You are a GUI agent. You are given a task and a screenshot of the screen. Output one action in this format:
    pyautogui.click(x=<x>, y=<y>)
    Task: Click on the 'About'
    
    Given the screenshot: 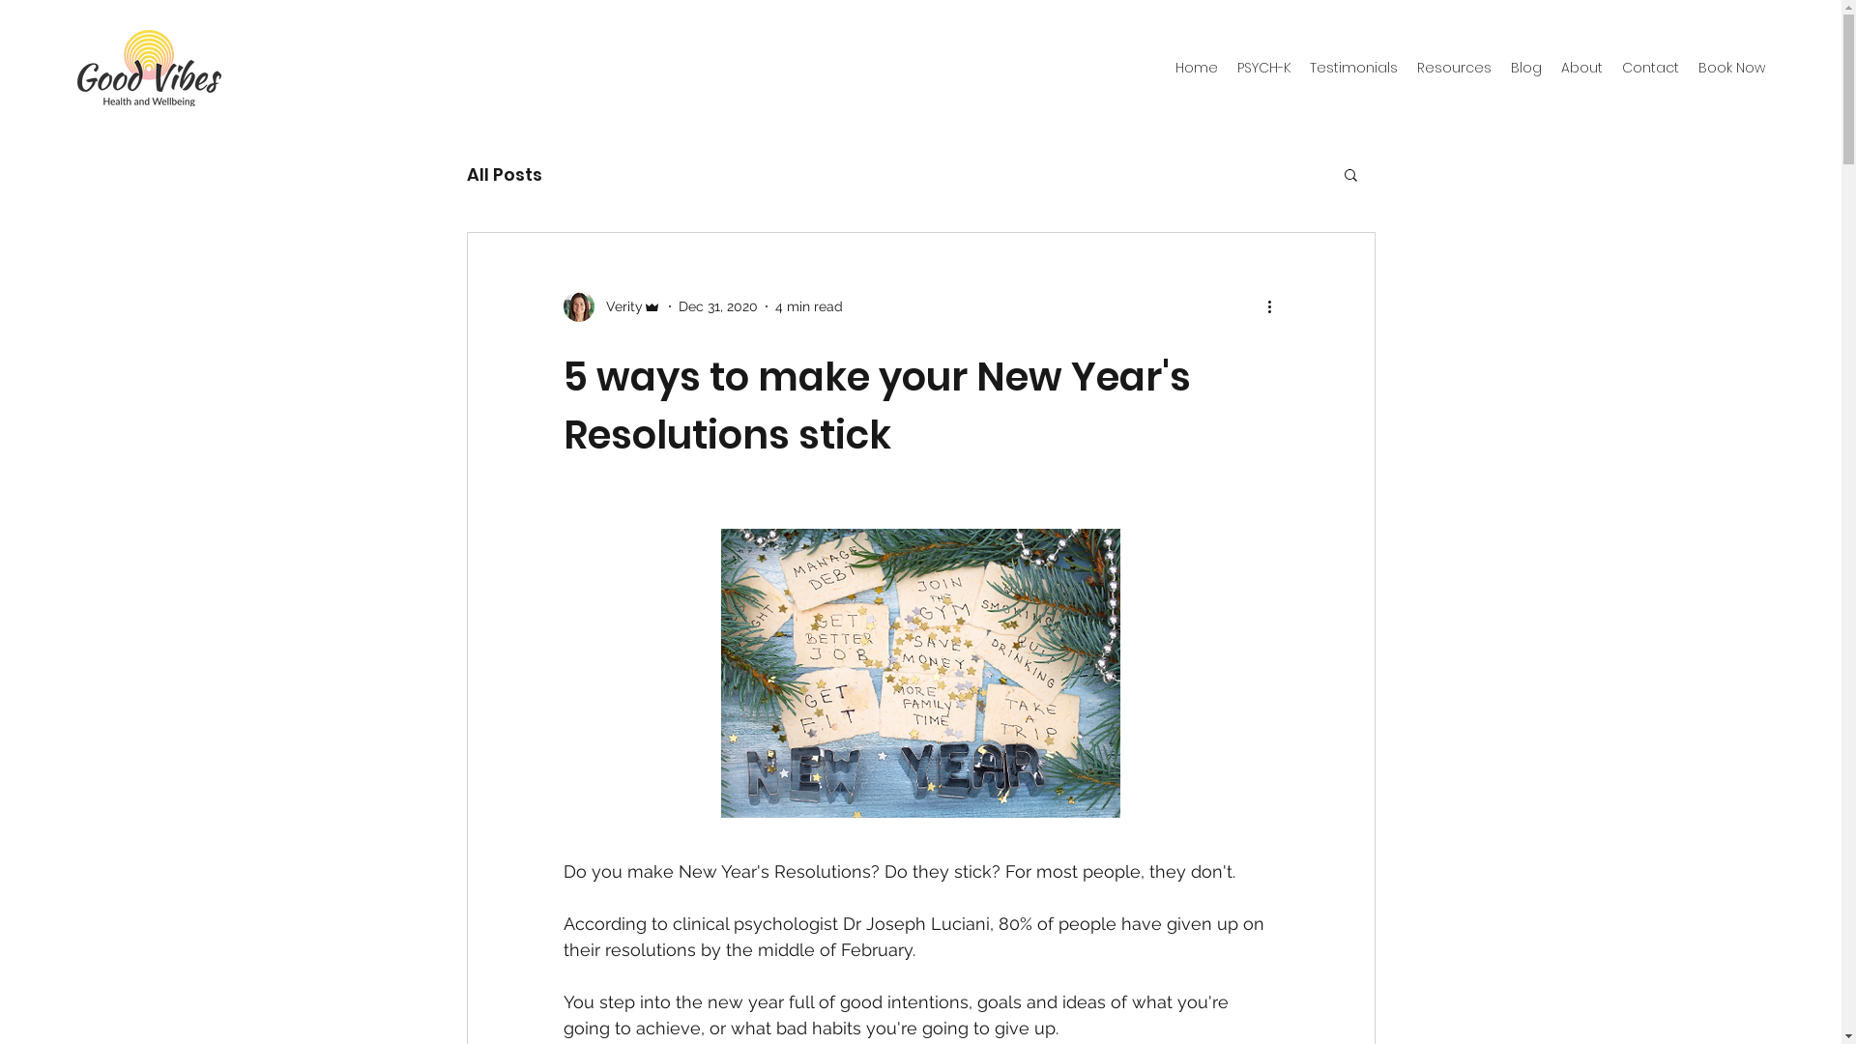 What is the action you would take?
    pyautogui.click(x=1581, y=67)
    